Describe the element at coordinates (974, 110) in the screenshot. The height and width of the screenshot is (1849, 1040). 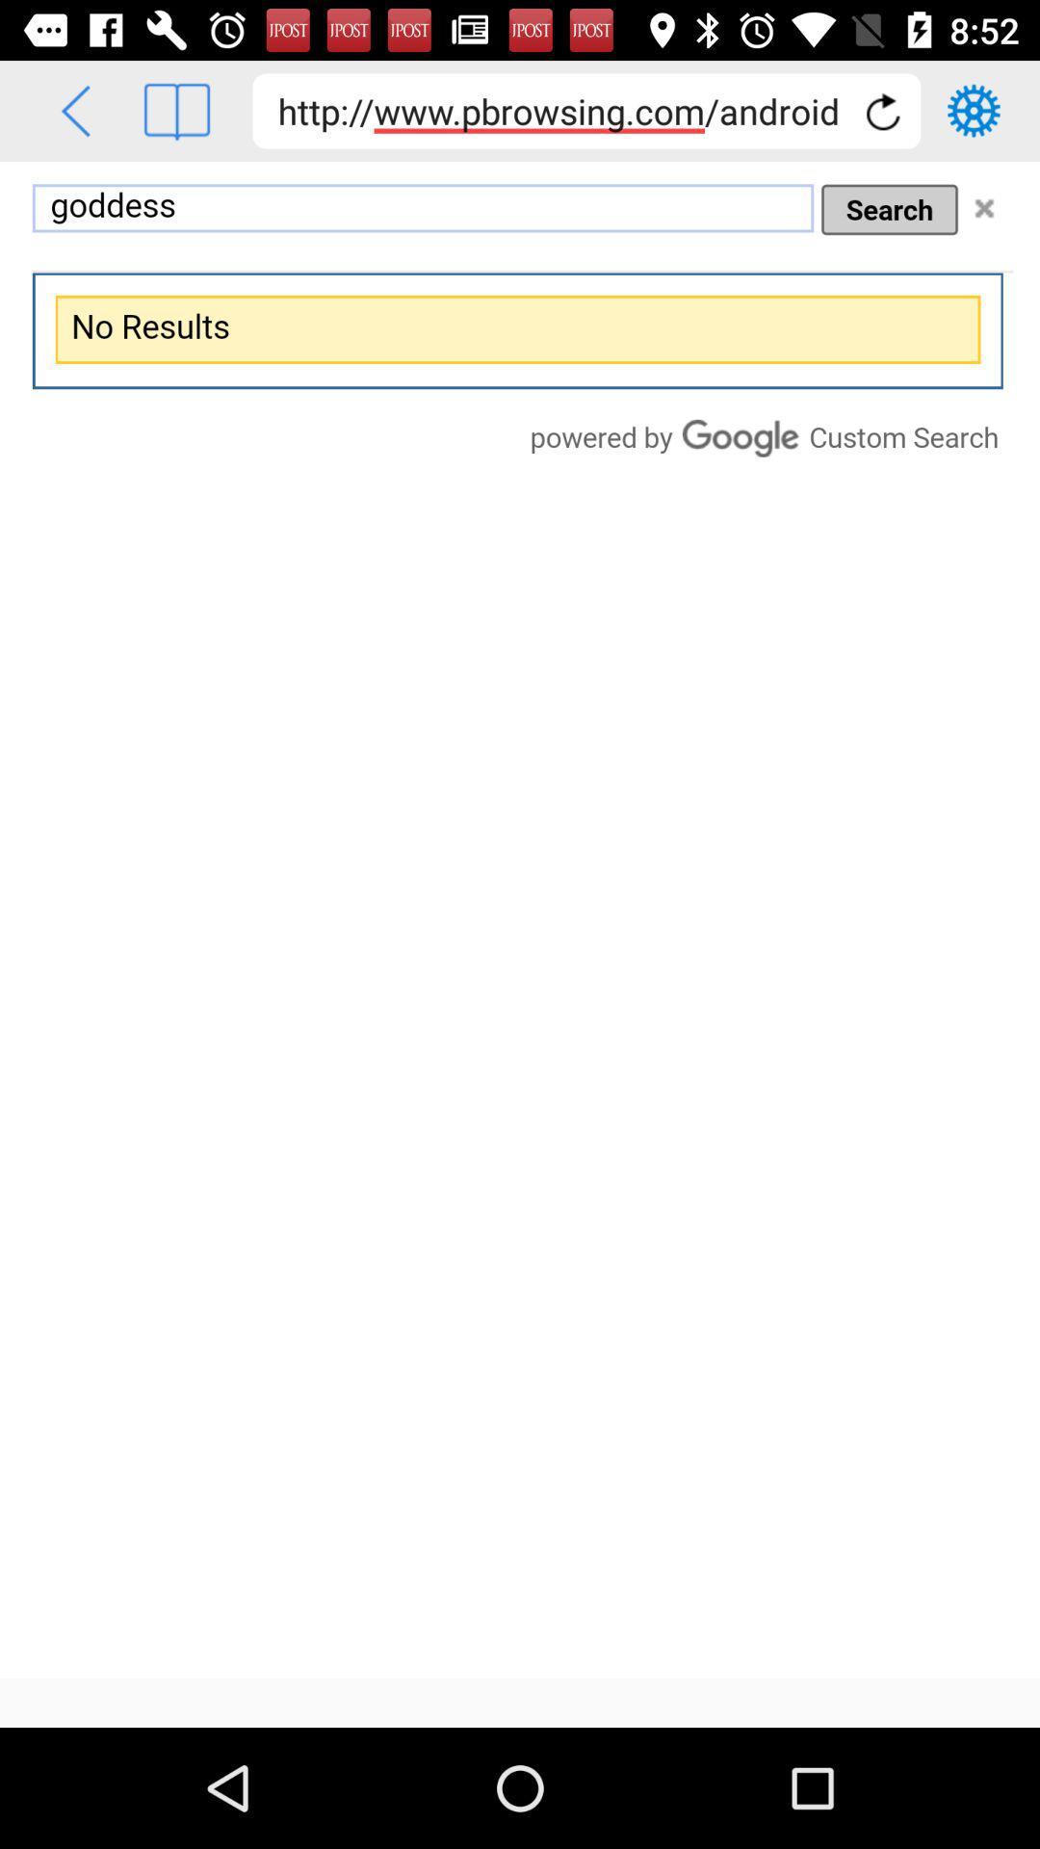
I see `goto settings` at that location.